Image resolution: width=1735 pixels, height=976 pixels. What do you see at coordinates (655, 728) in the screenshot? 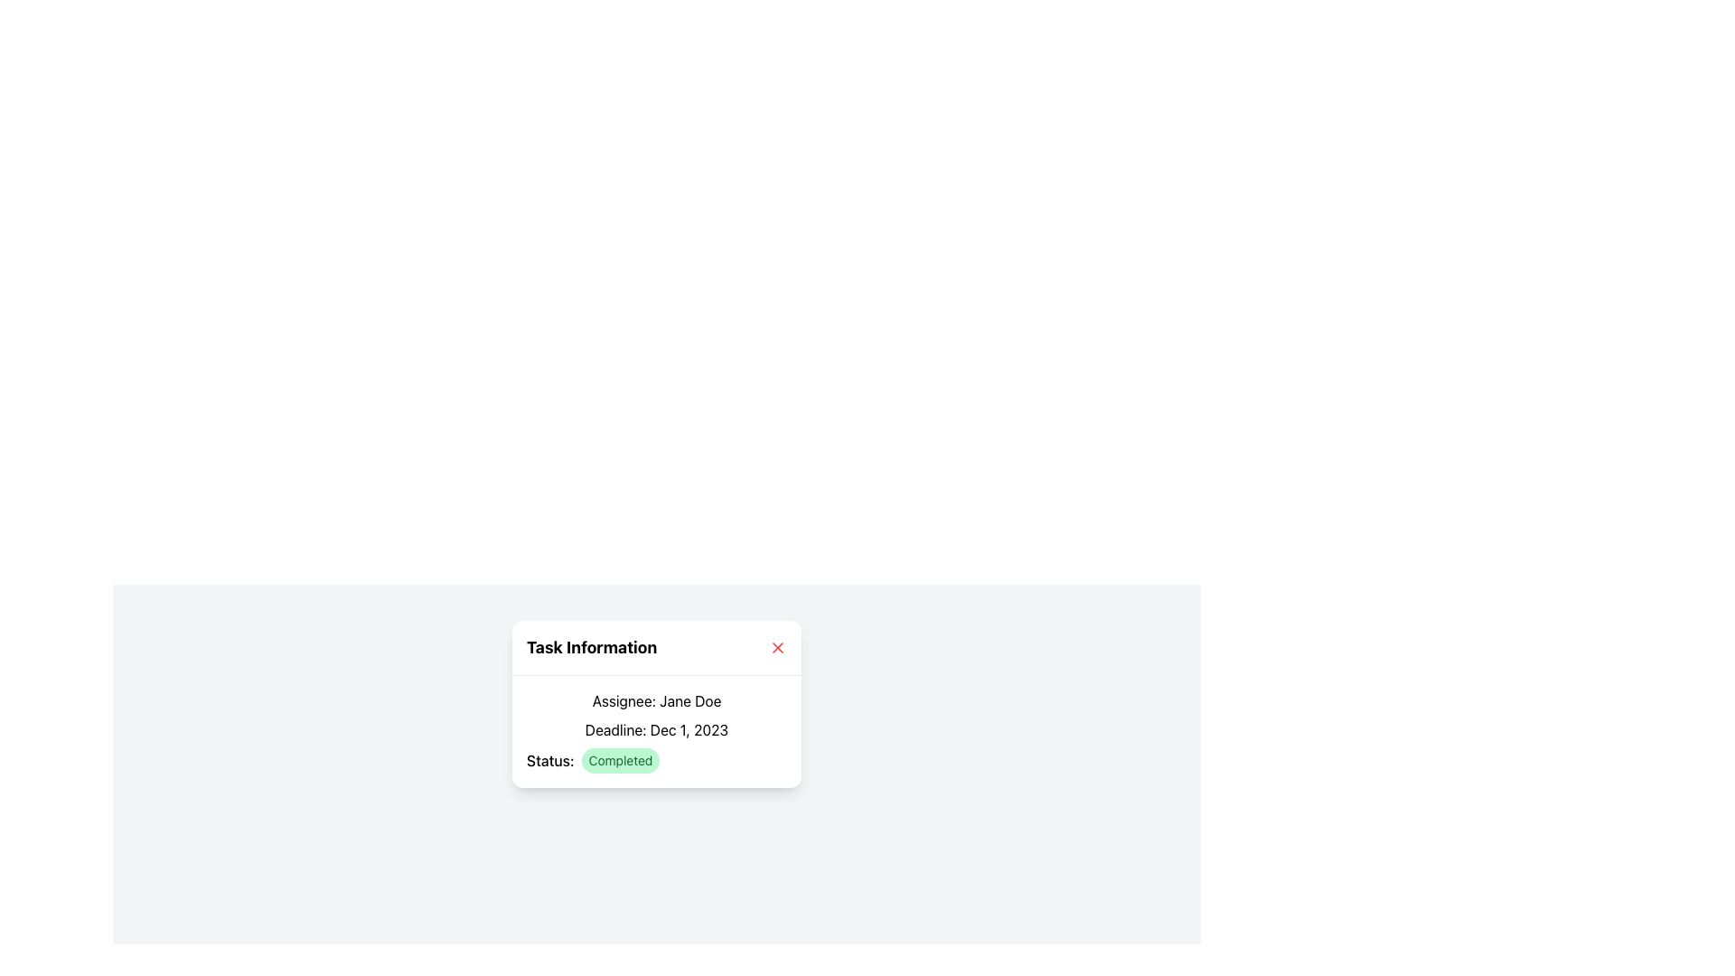
I see `the Text Display element that shows the task's deadline information, located between 'Assignee: Jane Doe' and 'Status: Completed'` at bounding box center [655, 728].